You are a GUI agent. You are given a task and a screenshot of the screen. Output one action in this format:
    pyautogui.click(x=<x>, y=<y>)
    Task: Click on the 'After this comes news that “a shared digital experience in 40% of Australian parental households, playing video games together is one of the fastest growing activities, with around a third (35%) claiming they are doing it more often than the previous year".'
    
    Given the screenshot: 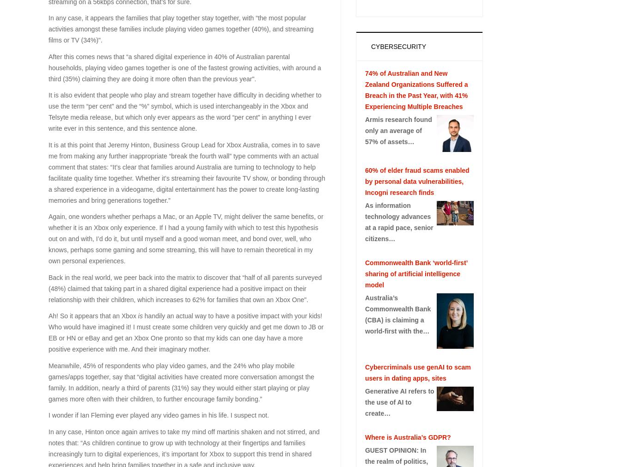 What is the action you would take?
    pyautogui.click(x=48, y=67)
    